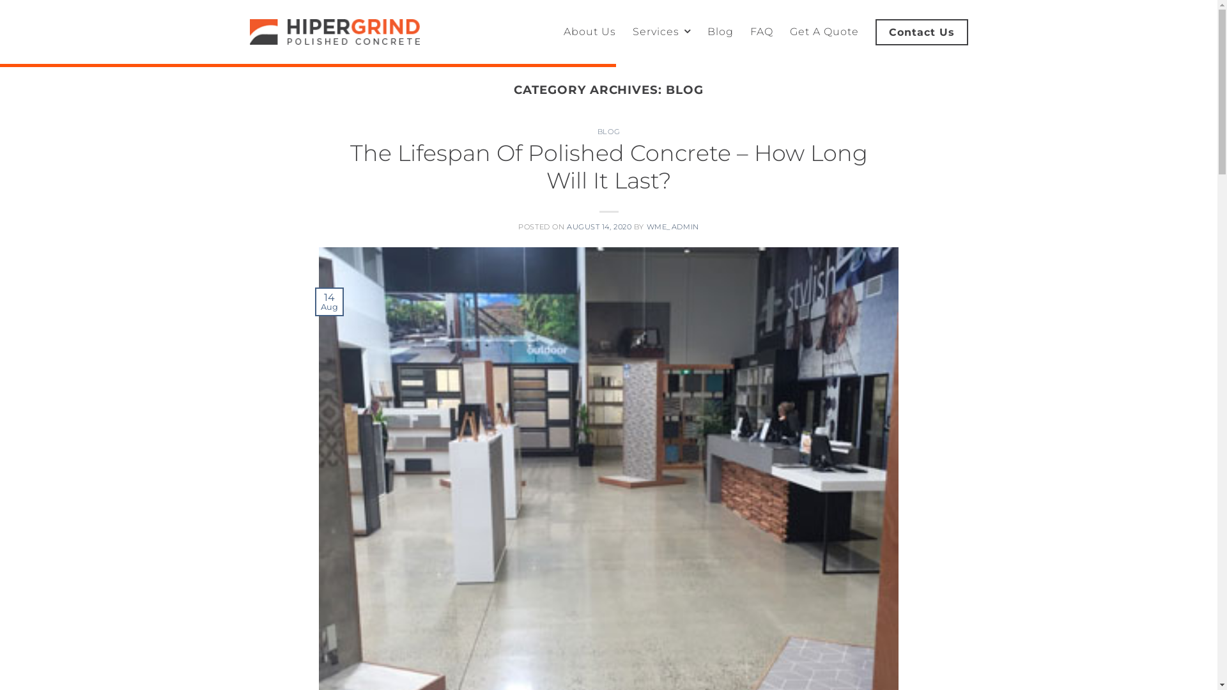  I want to click on 'About Us', so click(589, 31).